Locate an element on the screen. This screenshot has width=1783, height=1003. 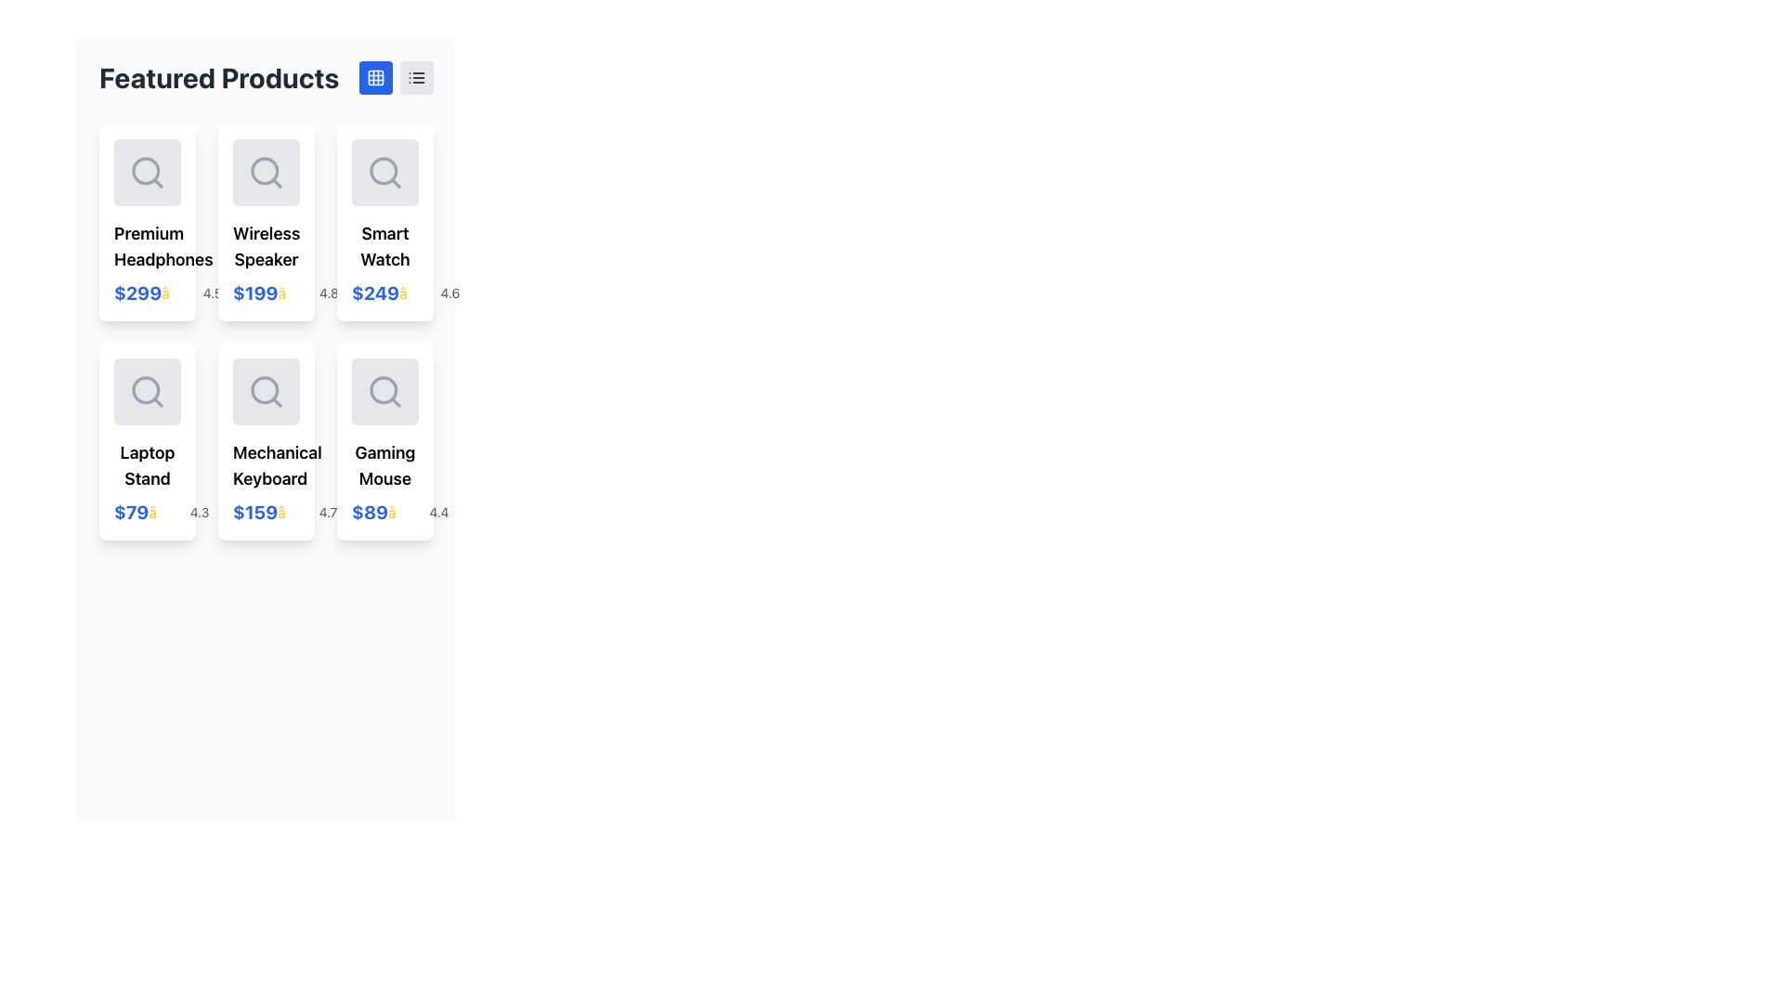
the price and customer rating element for the 'Laptop Stand' product located at the bottom section of the card is located at coordinates (146, 512).